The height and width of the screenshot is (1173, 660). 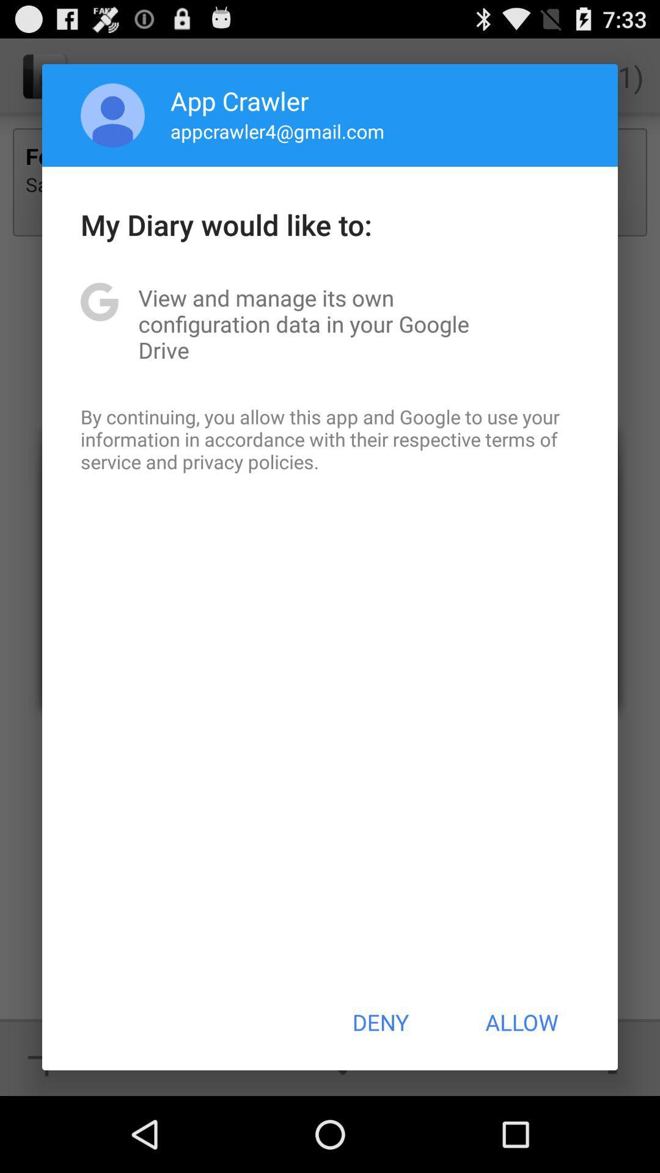 I want to click on the app above the by continuing you app, so click(x=330, y=324).